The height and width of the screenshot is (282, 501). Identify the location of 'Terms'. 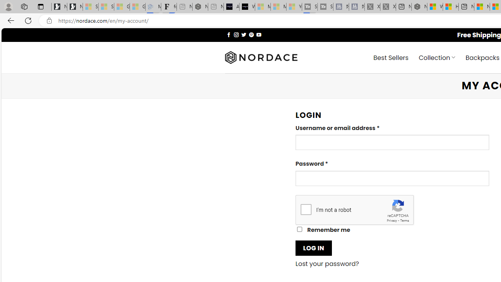
(404, 221).